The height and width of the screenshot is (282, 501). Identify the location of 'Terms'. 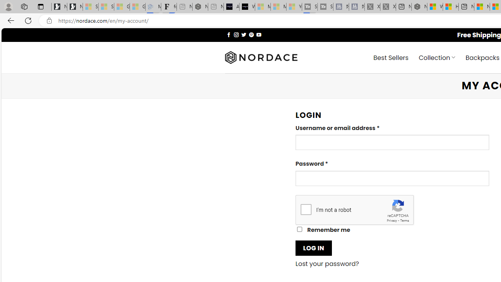
(404, 221).